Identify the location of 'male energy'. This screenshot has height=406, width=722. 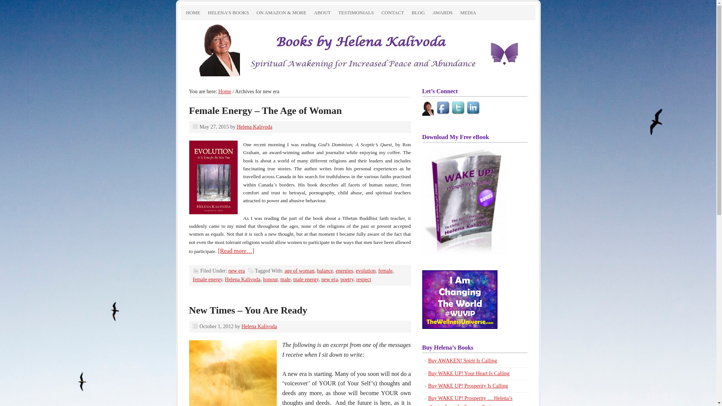
(293, 279).